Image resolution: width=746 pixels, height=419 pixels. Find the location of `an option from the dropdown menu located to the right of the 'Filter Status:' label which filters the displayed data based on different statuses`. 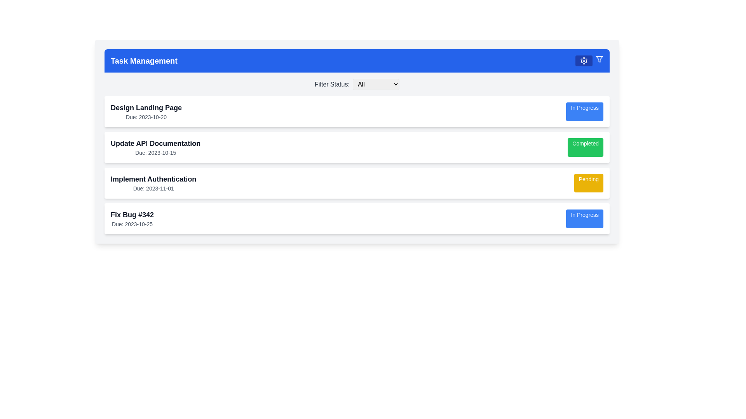

an option from the dropdown menu located to the right of the 'Filter Status:' label which filters the displayed data based on different statuses is located at coordinates (376, 84).